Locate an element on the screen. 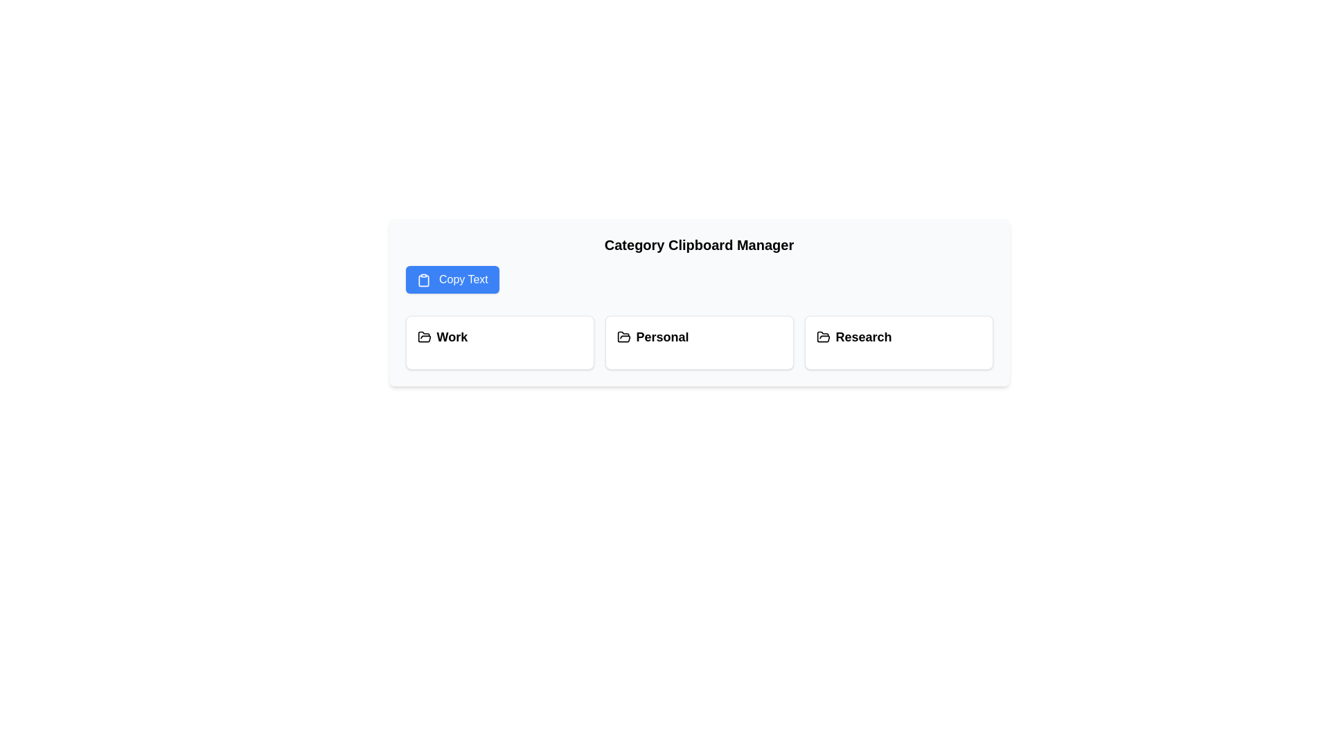  the third text label which categorizes or describes the content associated with the folder icon, located to the right of the 'Personal' label is located at coordinates (863, 337).